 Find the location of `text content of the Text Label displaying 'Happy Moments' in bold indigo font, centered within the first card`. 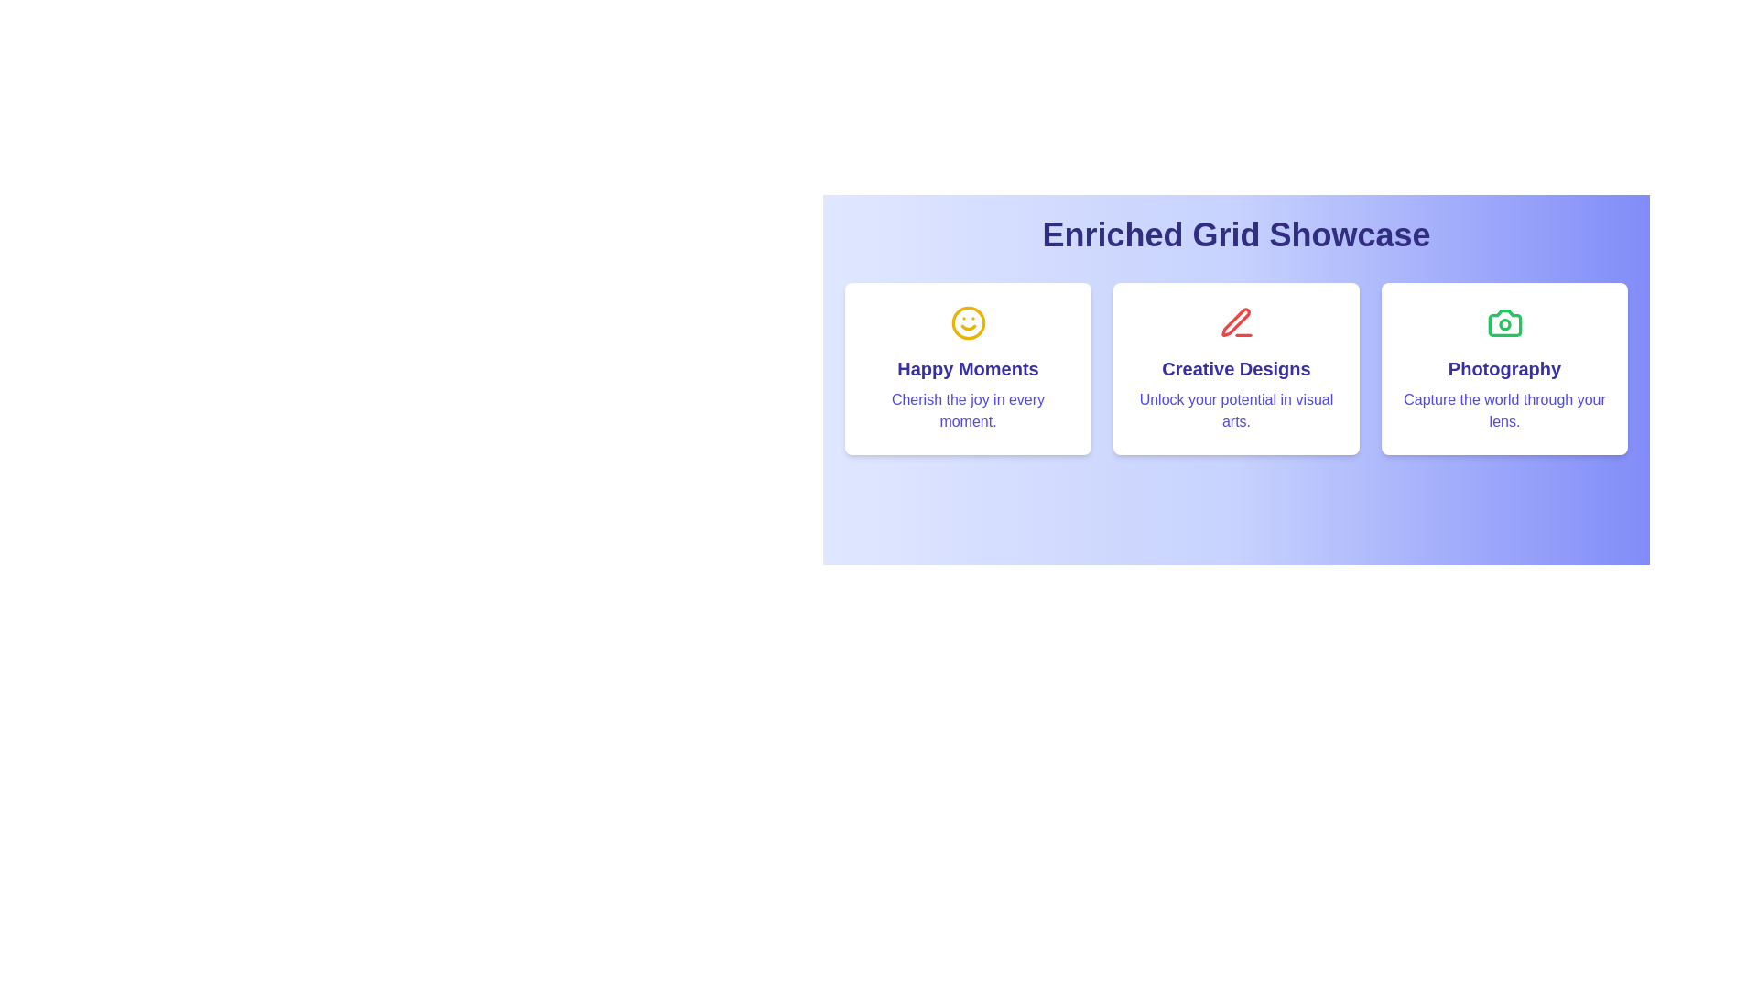

text content of the Text Label displaying 'Happy Moments' in bold indigo font, centered within the first card is located at coordinates (967, 368).